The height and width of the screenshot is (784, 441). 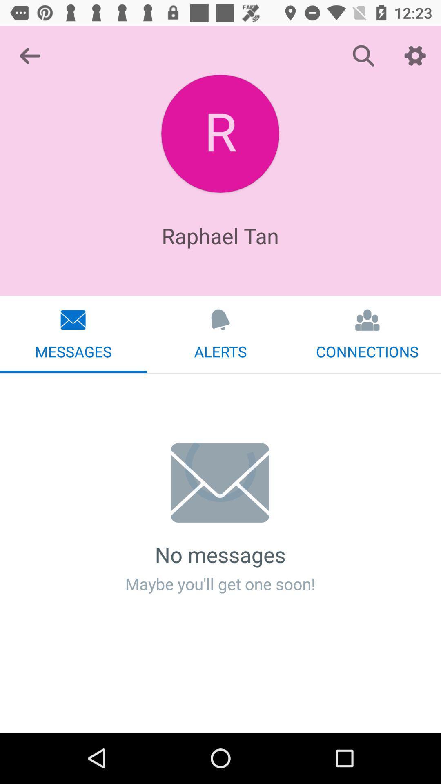 What do you see at coordinates (29, 55) in the screenshot?
I see `the icon at the top left corner` at bounding box center [29, 55].